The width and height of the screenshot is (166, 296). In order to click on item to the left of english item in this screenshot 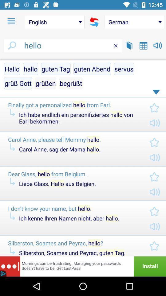, I will do `click(11, 21)`.